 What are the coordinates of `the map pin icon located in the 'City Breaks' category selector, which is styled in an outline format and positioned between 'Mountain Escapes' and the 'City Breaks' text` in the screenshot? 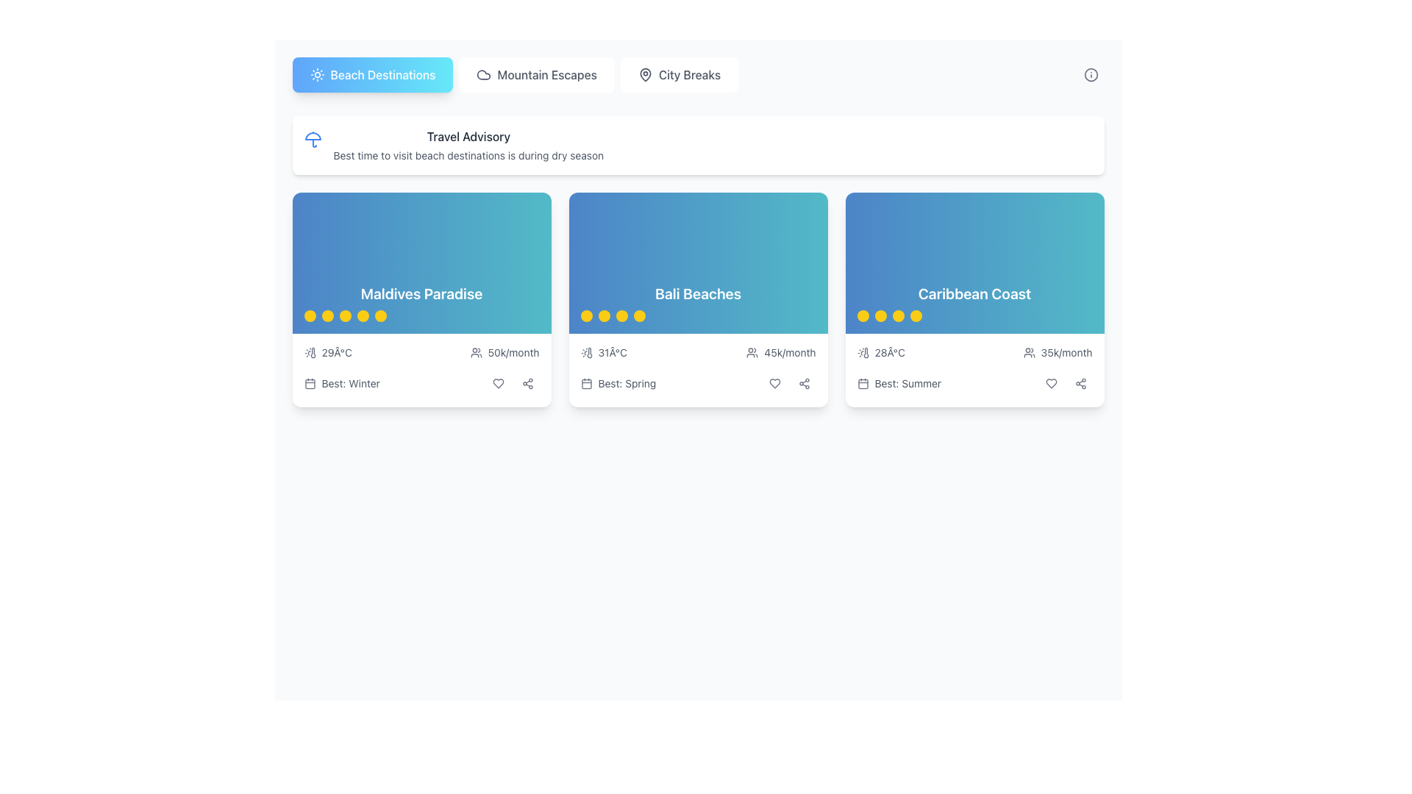 It's located at (645, 74).